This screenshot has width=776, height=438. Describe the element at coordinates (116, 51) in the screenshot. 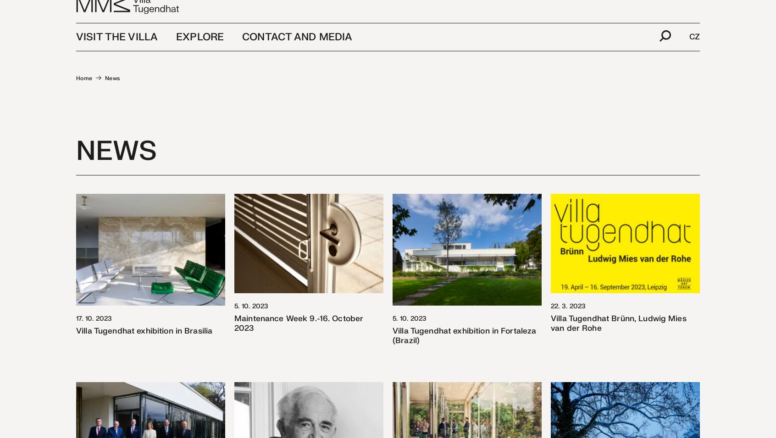

I see `'Visit the Villa'` at that location.